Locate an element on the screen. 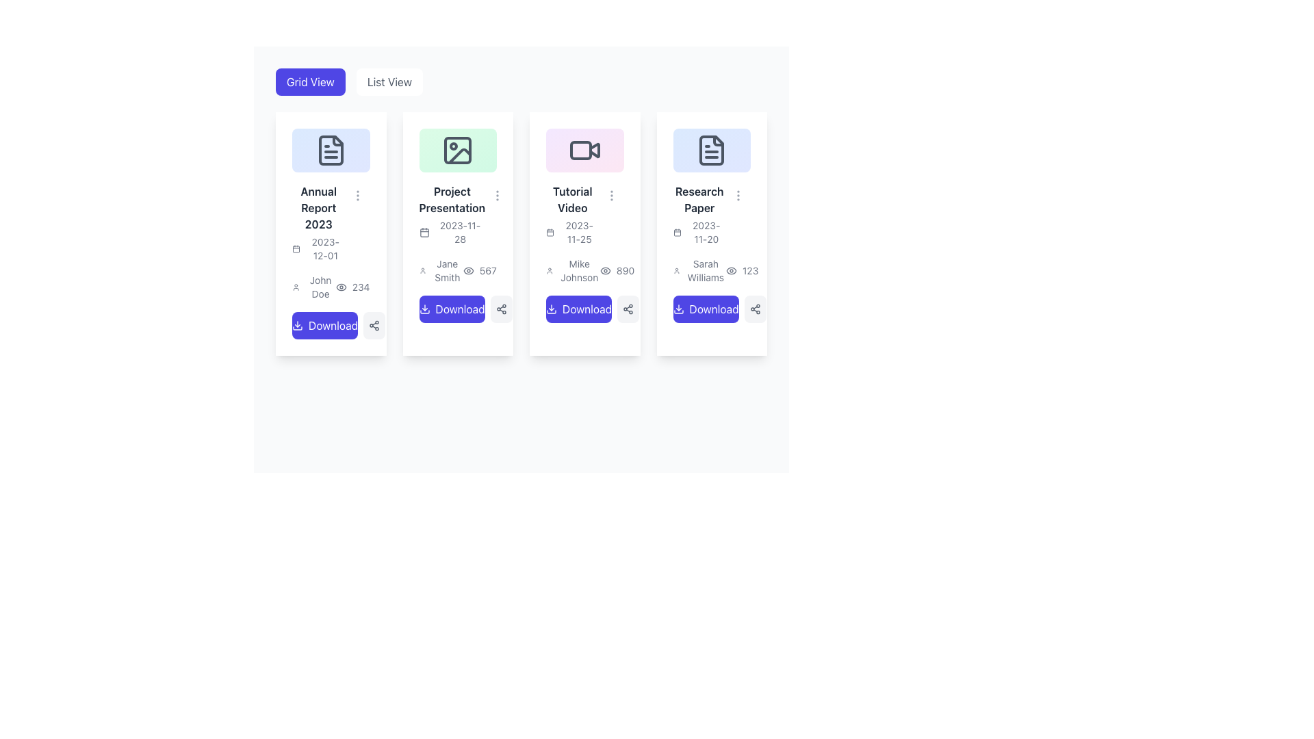  the decorative icon representing the content of the 'Tutorial Video' card, which is the third card in a horizontal row of cards is located at coordinates (584, 150).